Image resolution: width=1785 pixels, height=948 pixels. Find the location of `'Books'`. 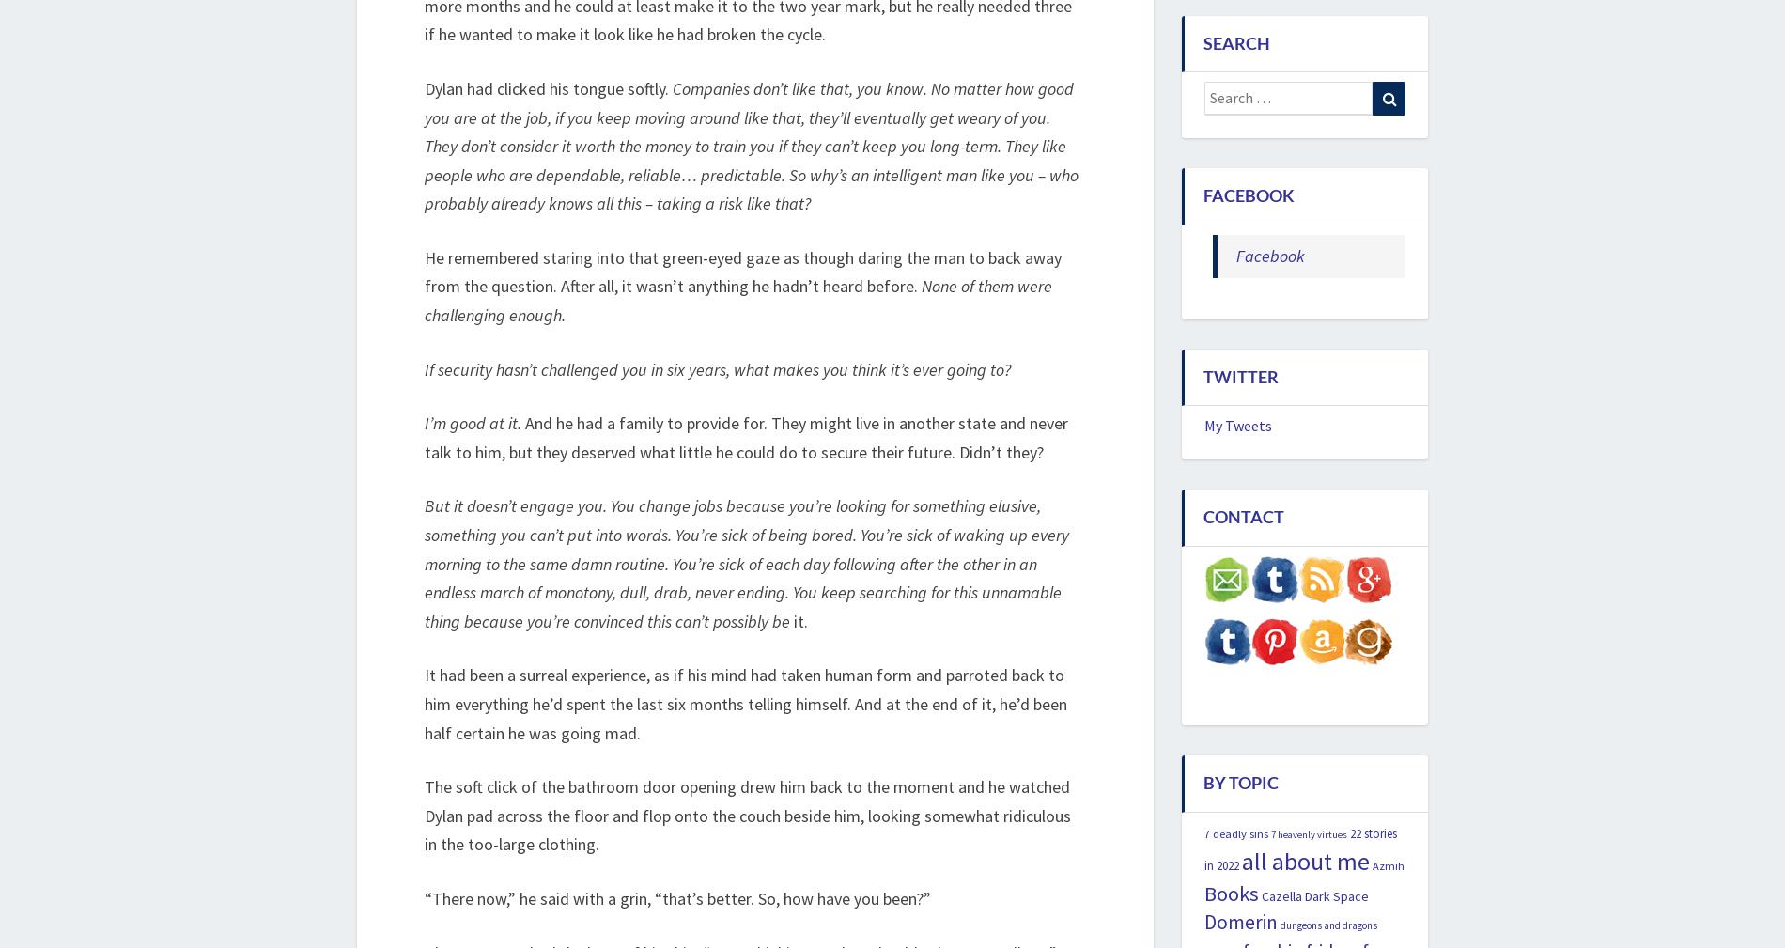

'Books' is located at coordinates (1230, 894).